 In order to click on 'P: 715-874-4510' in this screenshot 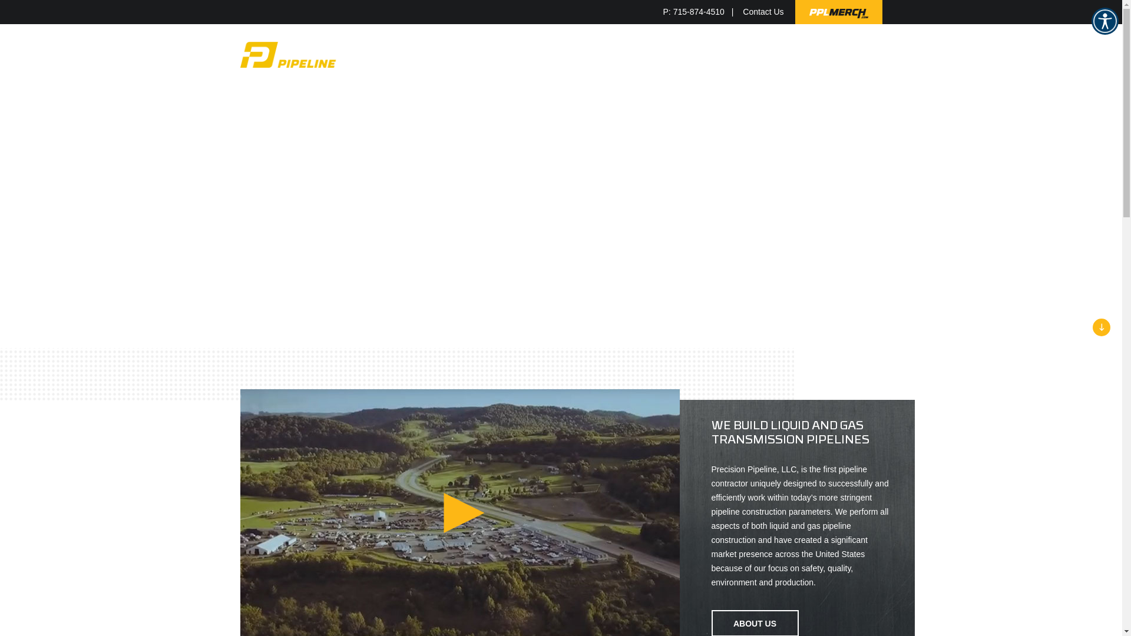, I will do `click(702, 12)`.